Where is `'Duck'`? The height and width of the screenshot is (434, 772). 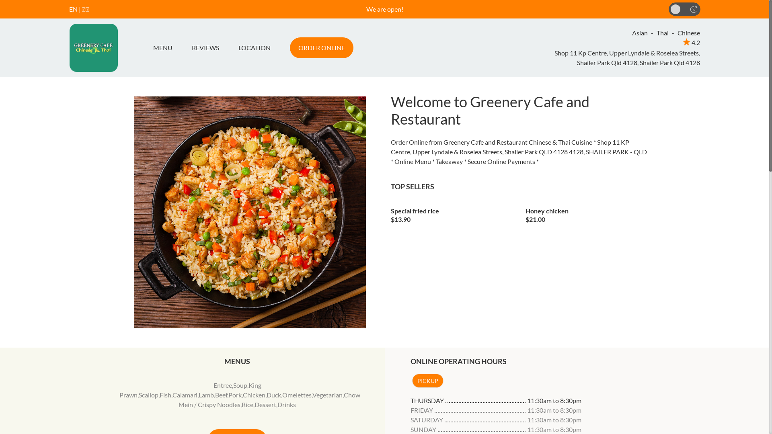
'Duck' is located at coordinates (266, 394).